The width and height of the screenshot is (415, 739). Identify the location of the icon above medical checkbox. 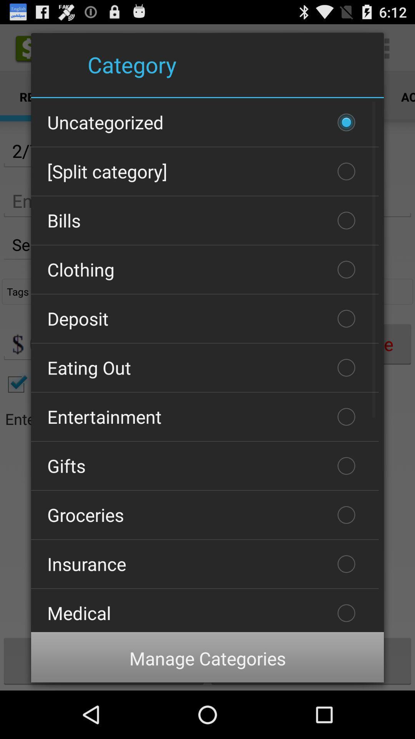
(204, 564).